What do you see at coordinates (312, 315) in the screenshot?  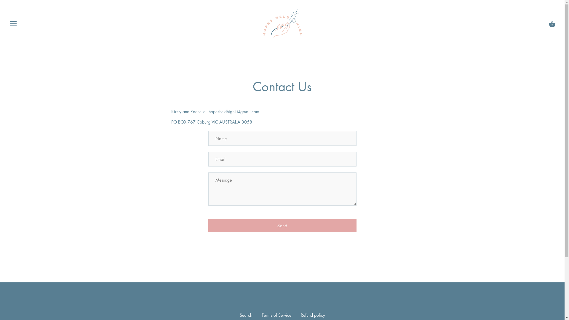 I see `'Refund policy'` at bounding box center [312, 315].